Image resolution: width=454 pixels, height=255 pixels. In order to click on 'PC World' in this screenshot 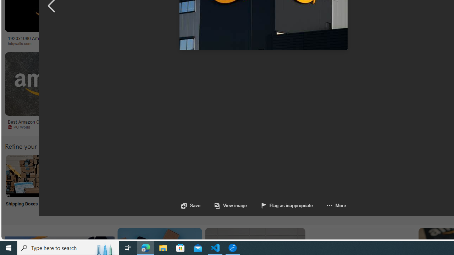, I will do `click(21, 126)`.